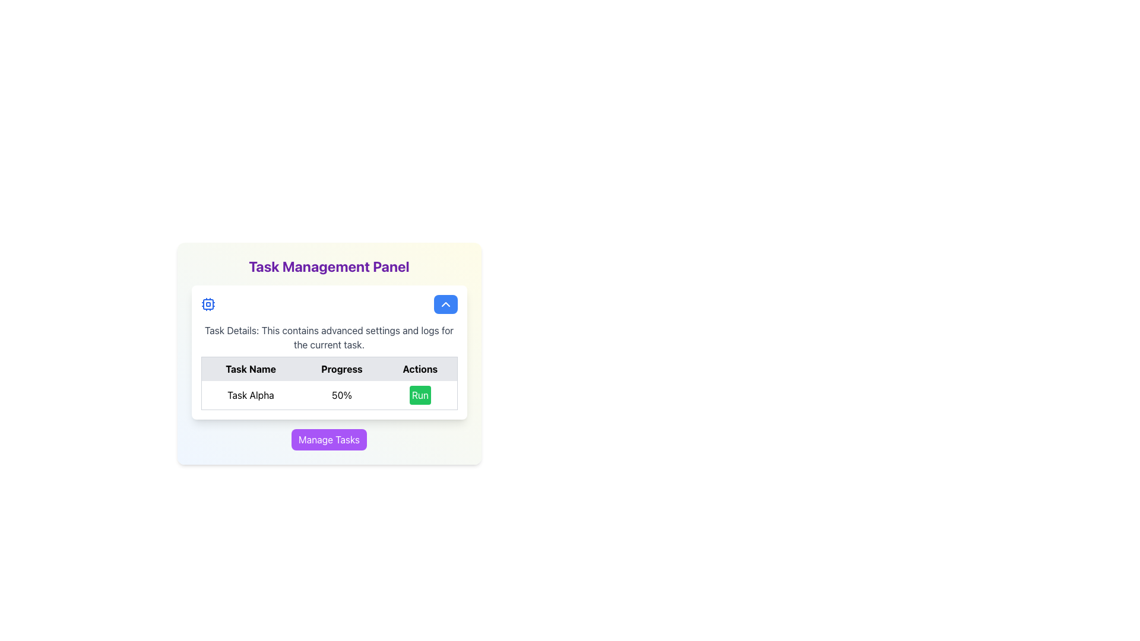 The height and width of the screenshot is (641, 1140). I want to click on the purple button with rounded corners labeled 'Manage Tasks' located in the bottom-center of the 'Task Management Panel', so click(329, 439).